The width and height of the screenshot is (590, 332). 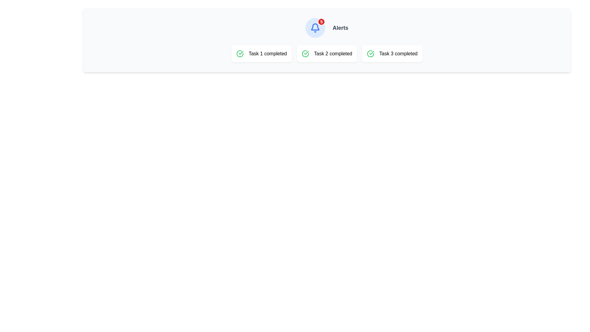 I want to click on the 'Task 3 completed' informational card which is the third card in the grid layout, signified by a green checkmark icon and black text, so click(x=392, y=53).